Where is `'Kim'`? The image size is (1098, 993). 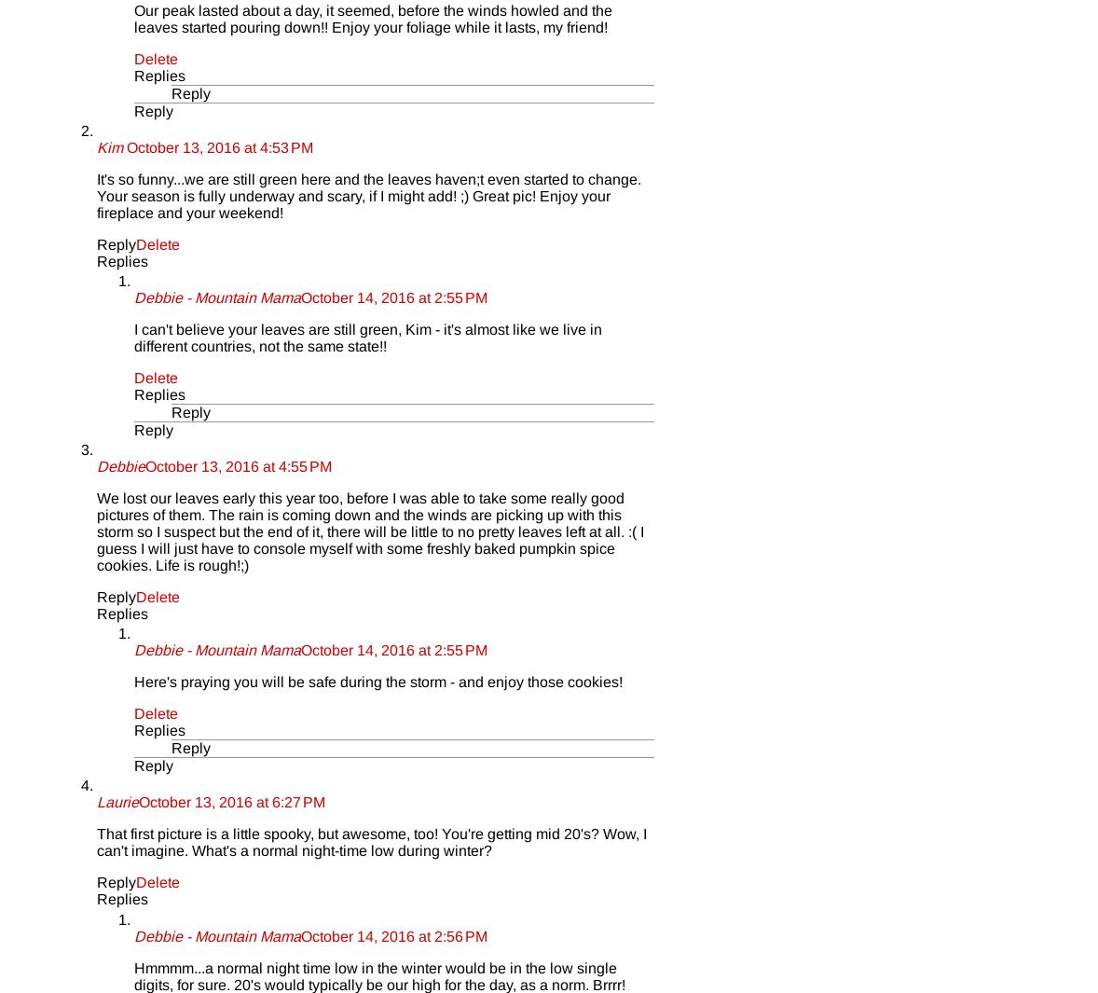 'Kim' is located at coordinates (96, 145).